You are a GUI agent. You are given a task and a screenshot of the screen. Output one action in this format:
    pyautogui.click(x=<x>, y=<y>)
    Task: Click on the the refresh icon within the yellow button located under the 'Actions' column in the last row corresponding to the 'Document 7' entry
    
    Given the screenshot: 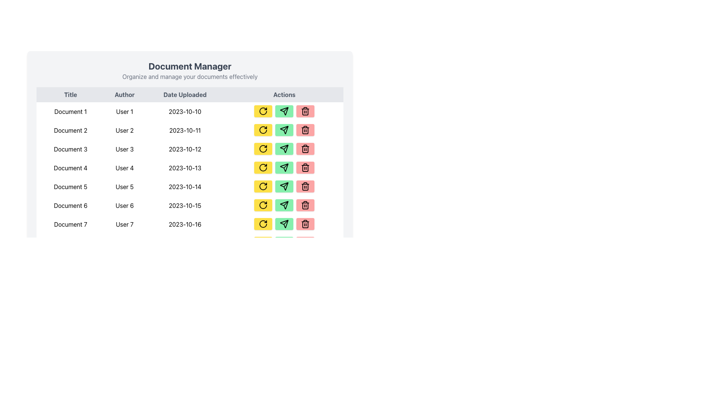 What is the action you would take?
    pyautogui.click(x=263, y=224)
    